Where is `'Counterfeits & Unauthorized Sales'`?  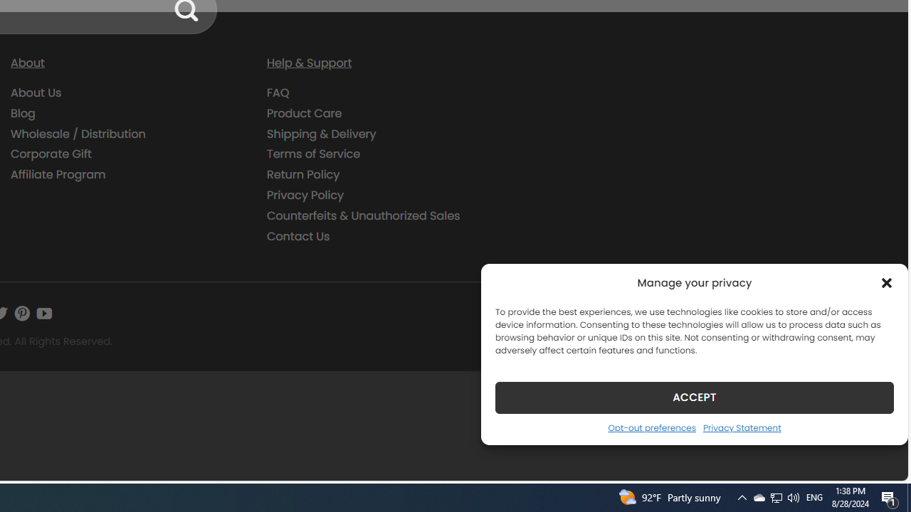 'Counterfeits & Unauthorized Sales' is located at coordinates (384, 215).